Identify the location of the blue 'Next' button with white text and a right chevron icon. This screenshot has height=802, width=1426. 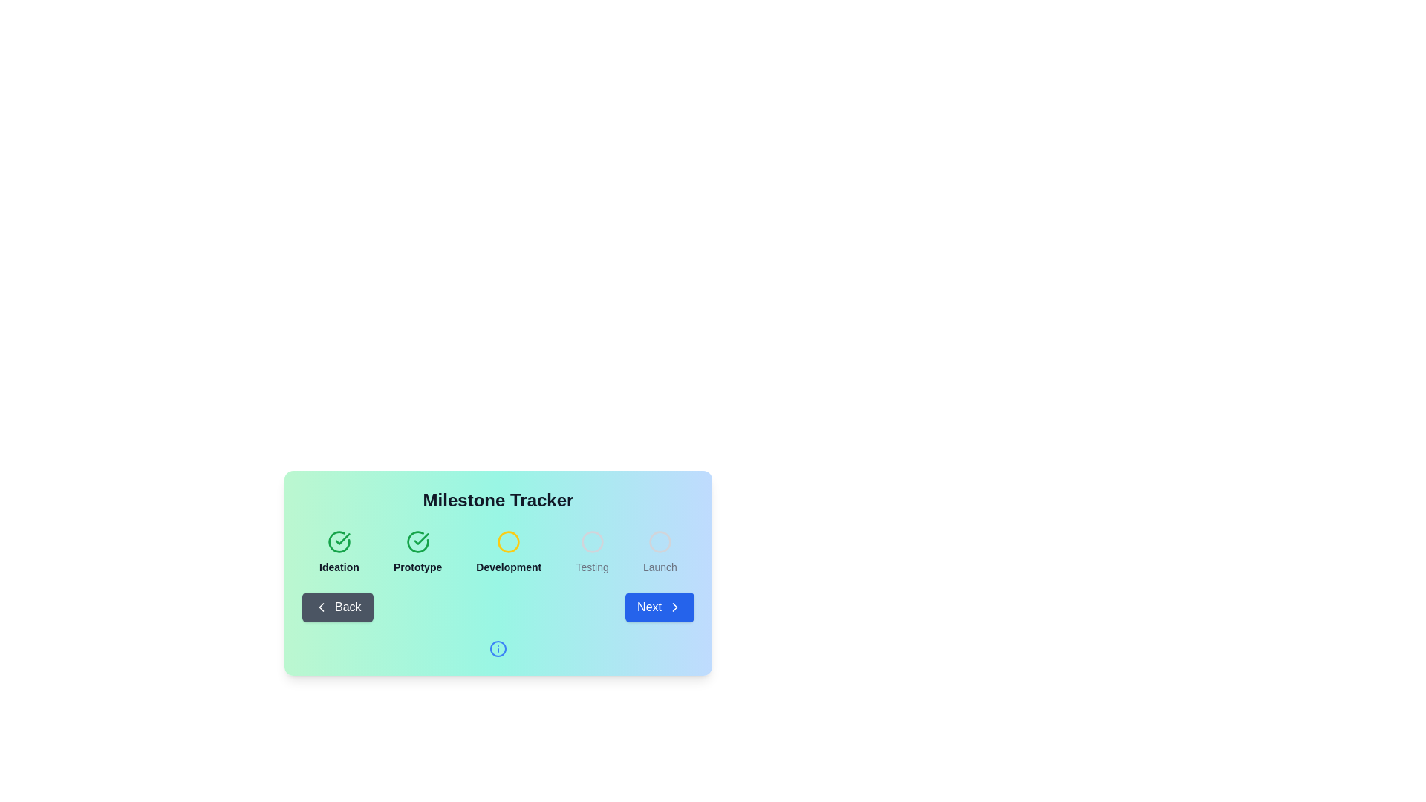
(659, 607).